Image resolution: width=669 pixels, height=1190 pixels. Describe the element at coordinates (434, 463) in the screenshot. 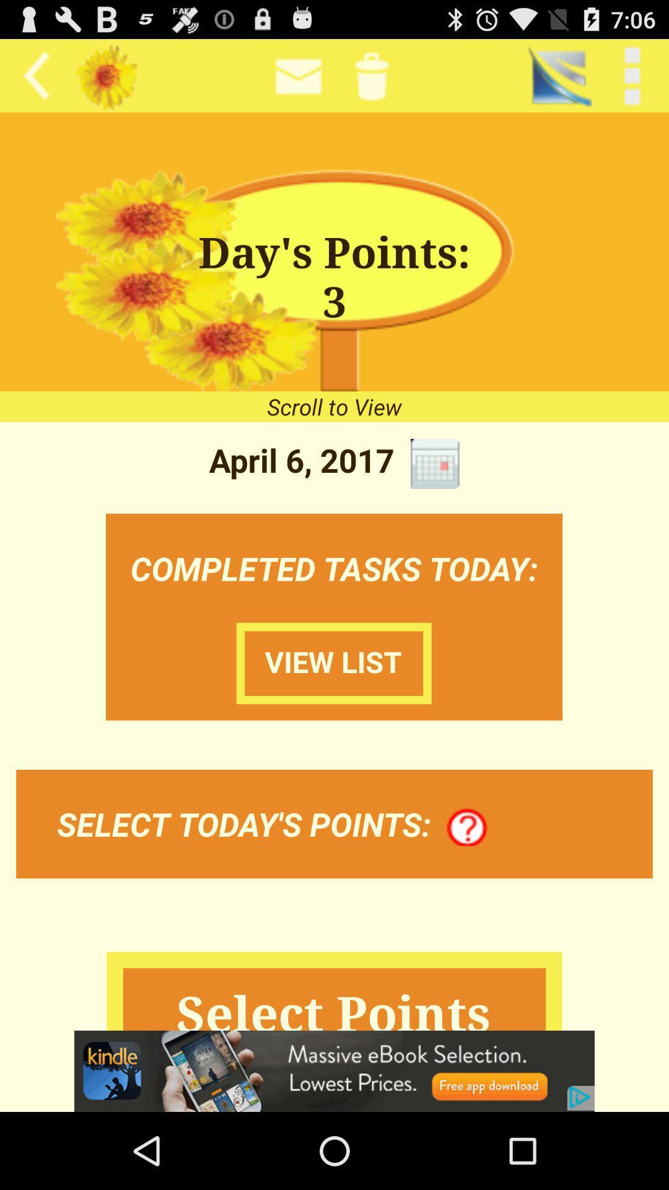

I see `icon next to the april 6, 2017 icon` at that location.